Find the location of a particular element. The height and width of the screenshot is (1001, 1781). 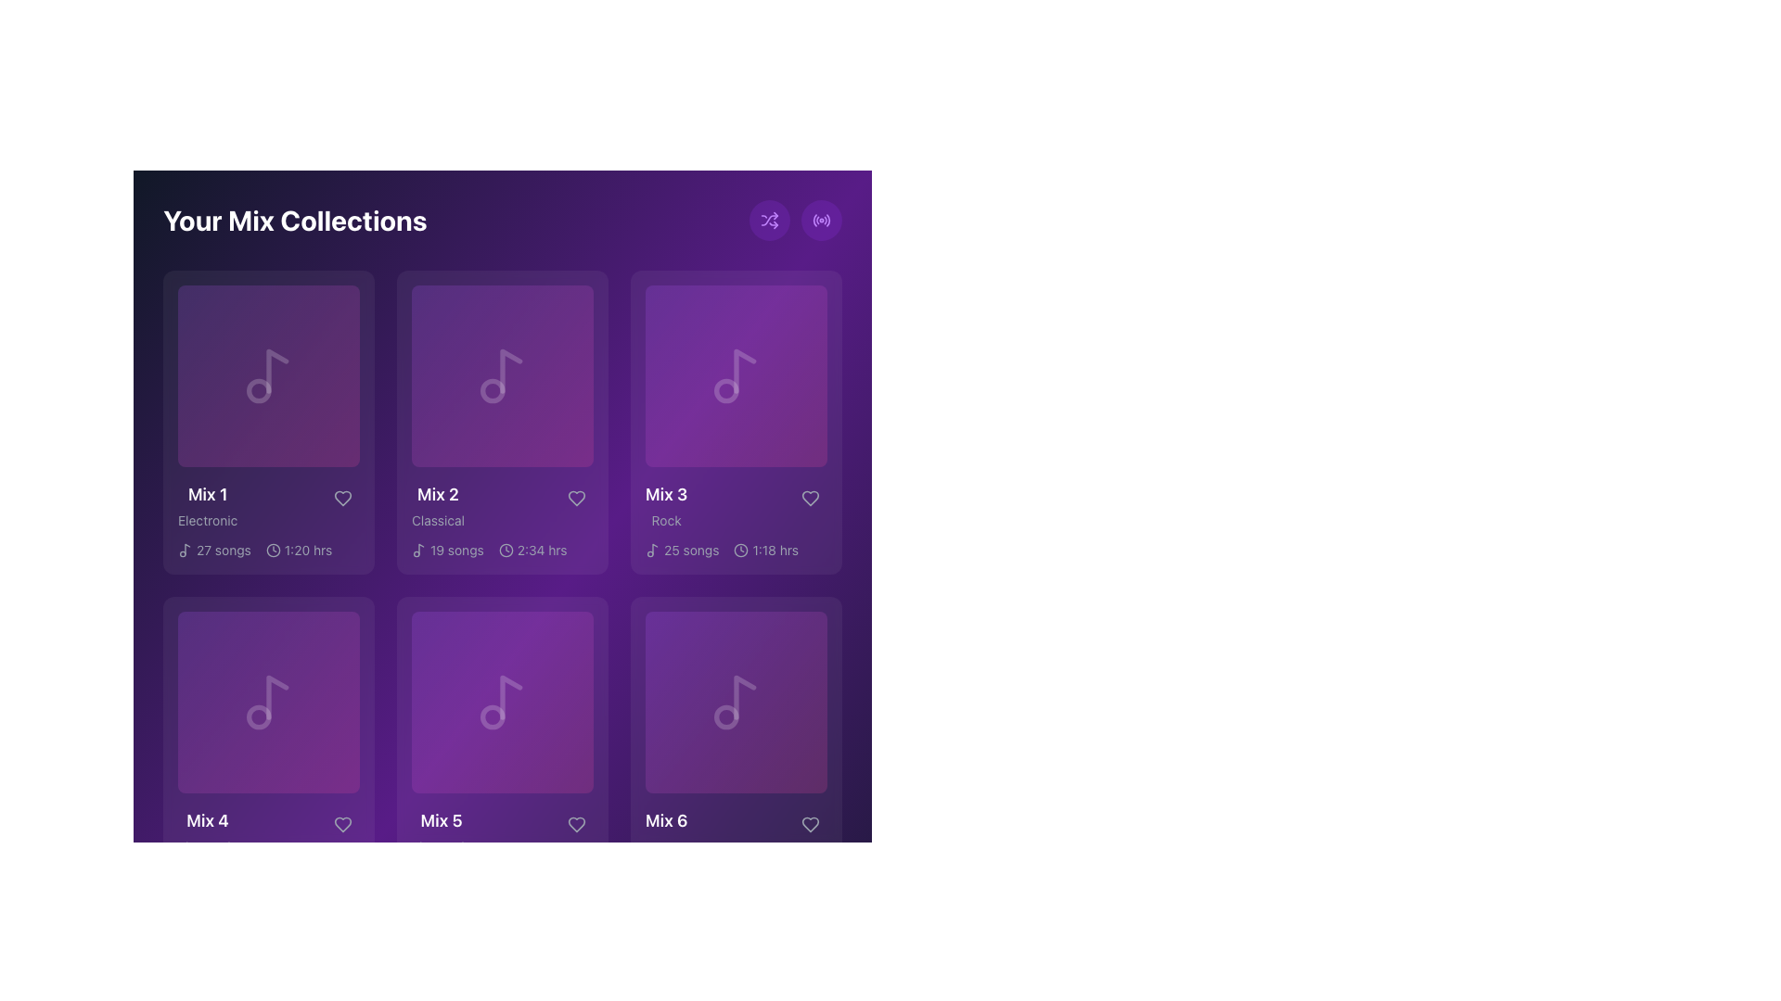

the button located at the center of the 'Mix 6' card is located at coordinates (735, 703).